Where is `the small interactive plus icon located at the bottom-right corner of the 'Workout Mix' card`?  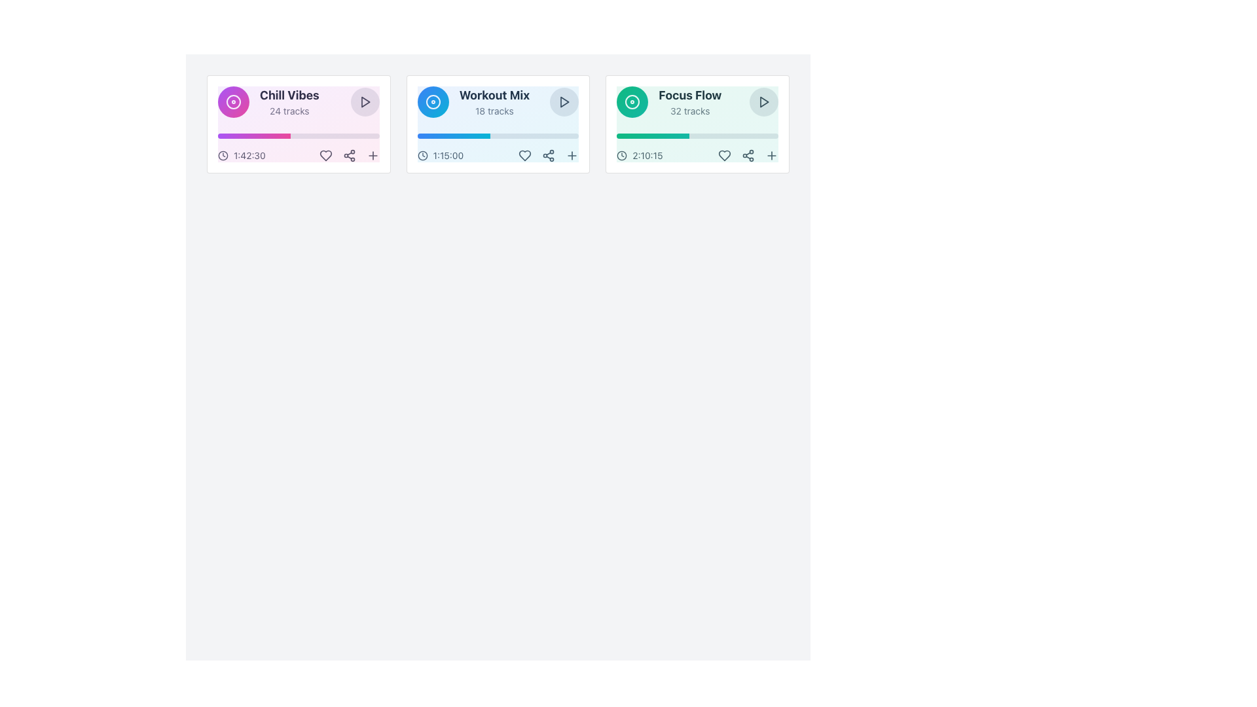 the small interactive plus icon located at the bottom-right corner of the 'Workout Mix' card is located at coordinates (572, 155).